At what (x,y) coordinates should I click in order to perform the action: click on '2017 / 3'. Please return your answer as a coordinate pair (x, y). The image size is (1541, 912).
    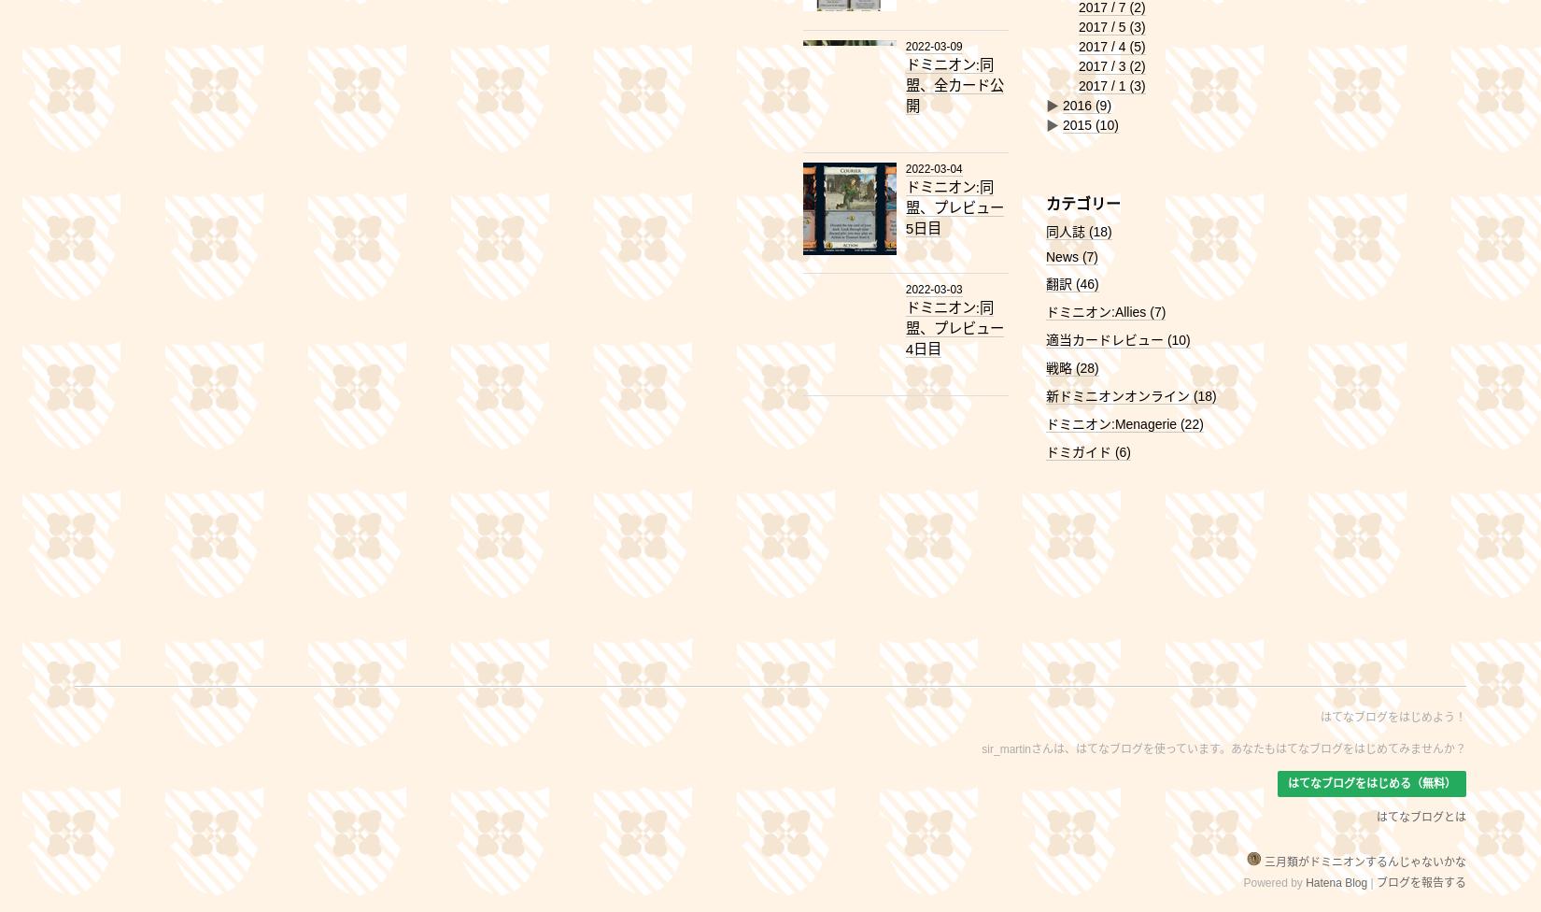
    Looking at the image, I should click on (1104, 65).